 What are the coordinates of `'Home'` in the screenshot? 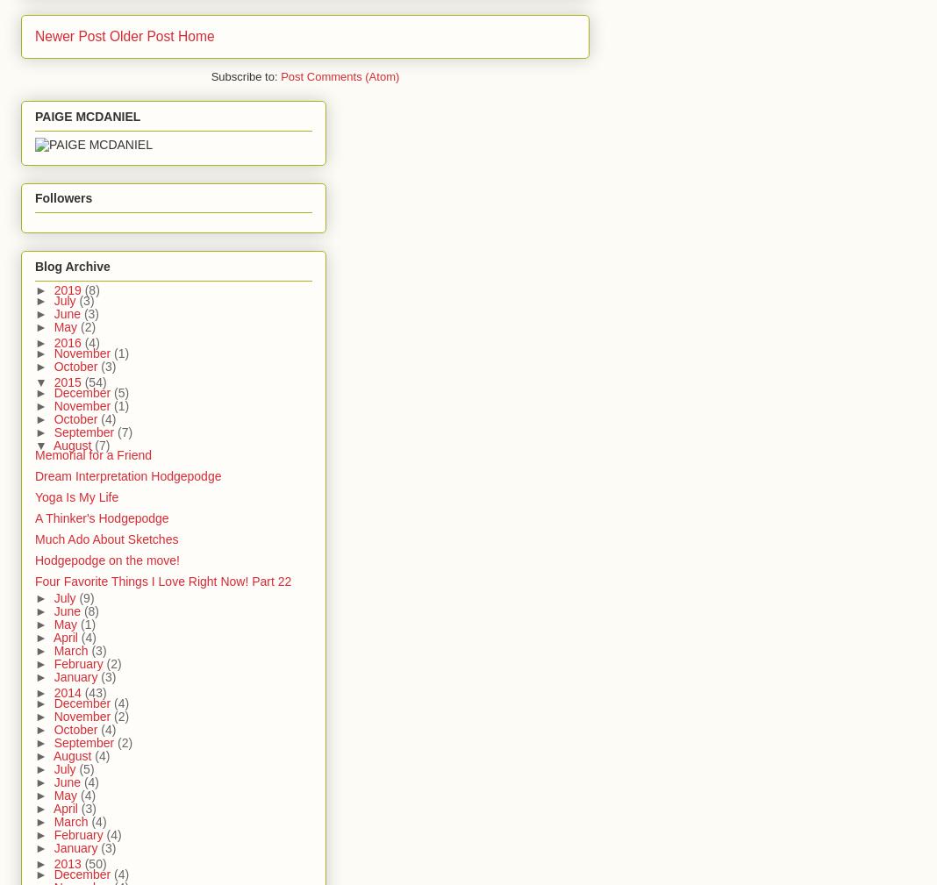 It's located at (195, 35).